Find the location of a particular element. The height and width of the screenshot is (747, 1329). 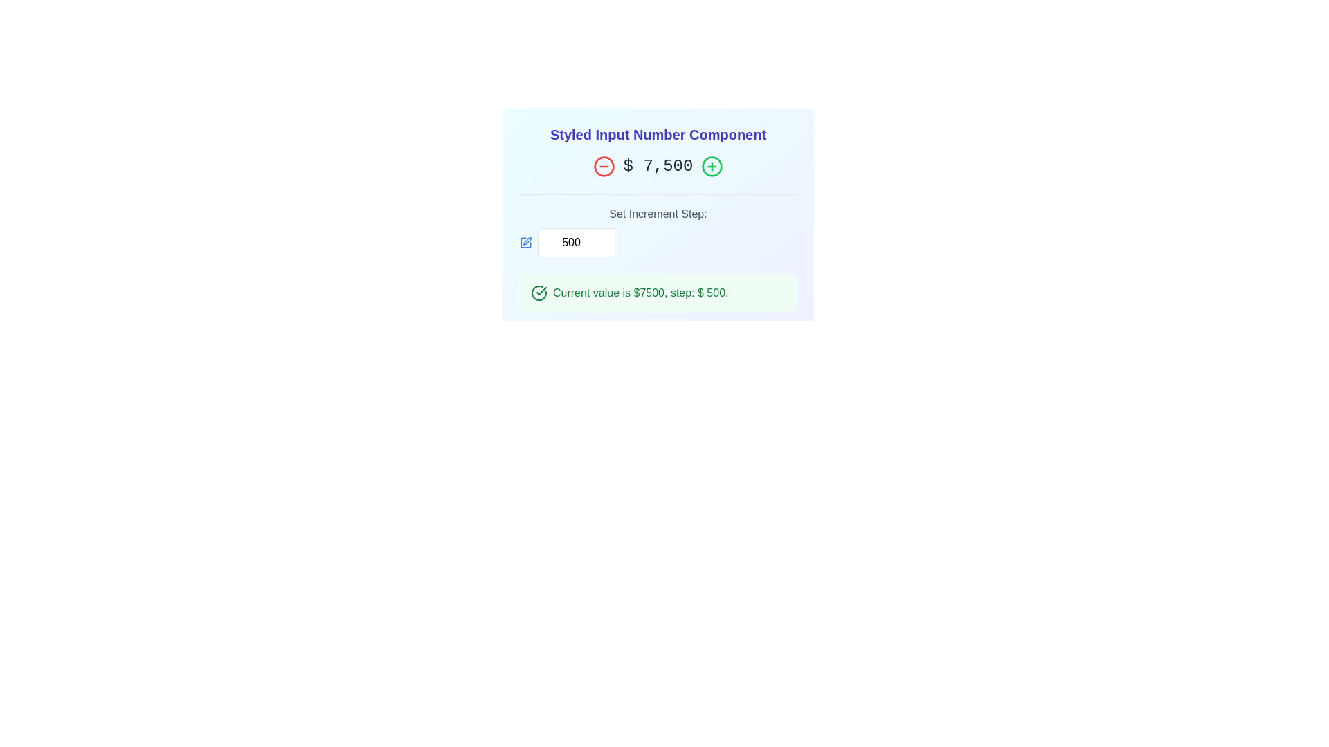

the informational element displaying the message 'Current value is $ 7500, step: $ 500.' with a green checkmark icon, located at the bottom of the styled card component is located at coordinates (657, 293).